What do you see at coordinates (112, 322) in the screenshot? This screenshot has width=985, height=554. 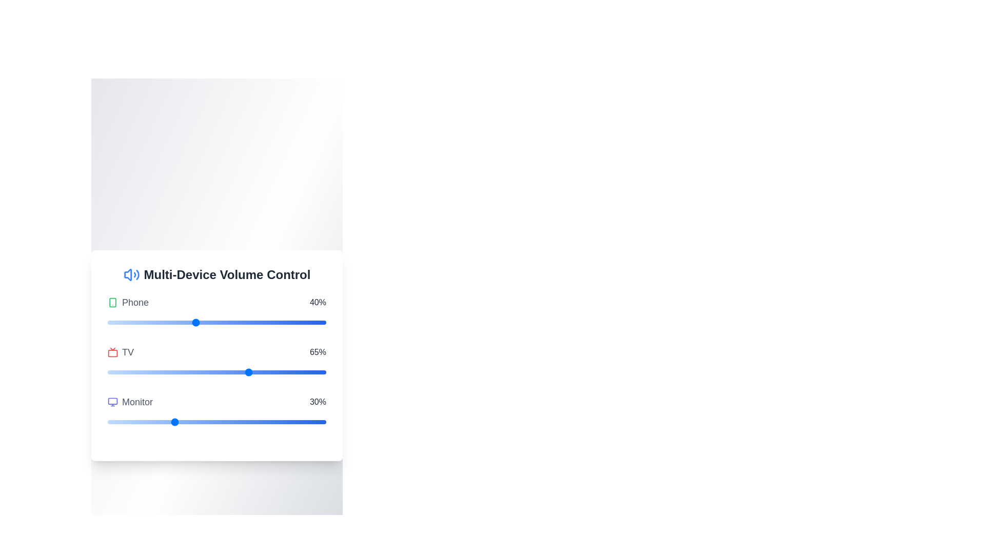 I see `the volume for the phone` at bounding box center [112, 322].